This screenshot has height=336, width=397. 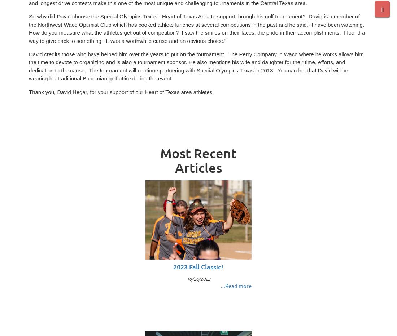 I want to click on 'So why did David choose the', so click(x=64, y=16).